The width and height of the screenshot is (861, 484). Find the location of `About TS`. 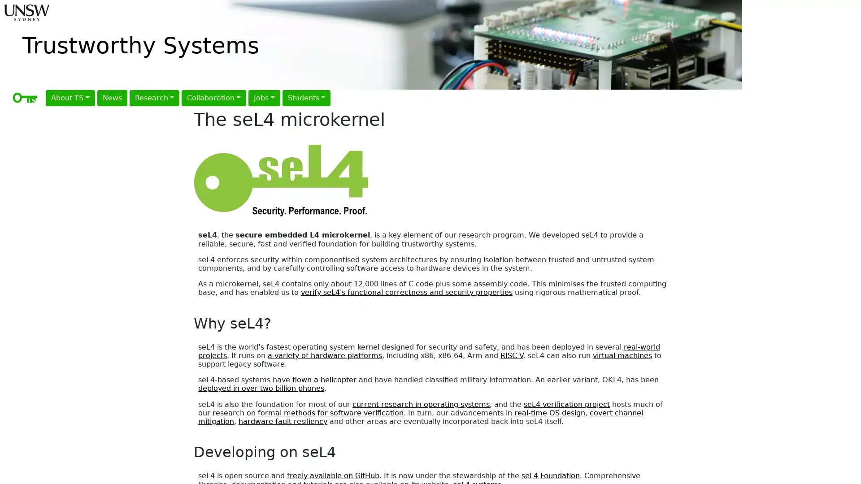

About TS is located at coordinates (70, 98).